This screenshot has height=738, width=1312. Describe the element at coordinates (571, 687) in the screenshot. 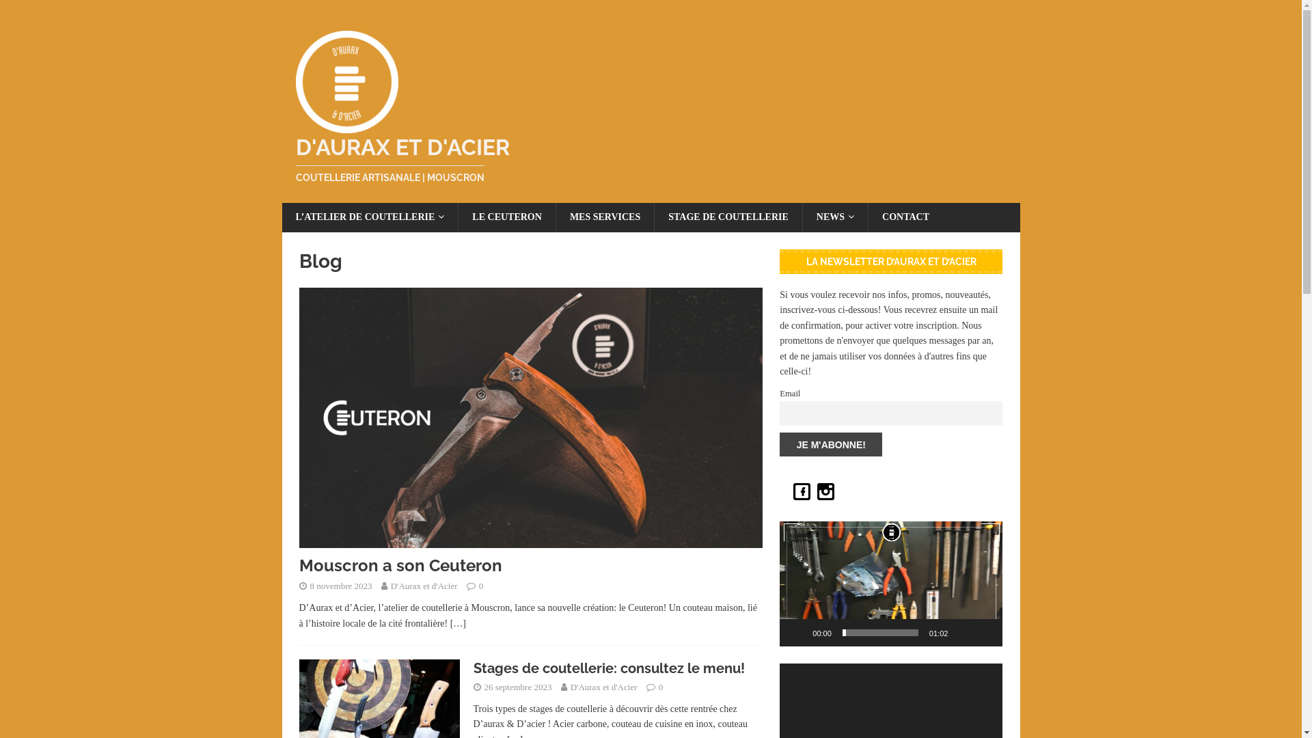

I see `'D'Aurax et d'Acier'` at that location.